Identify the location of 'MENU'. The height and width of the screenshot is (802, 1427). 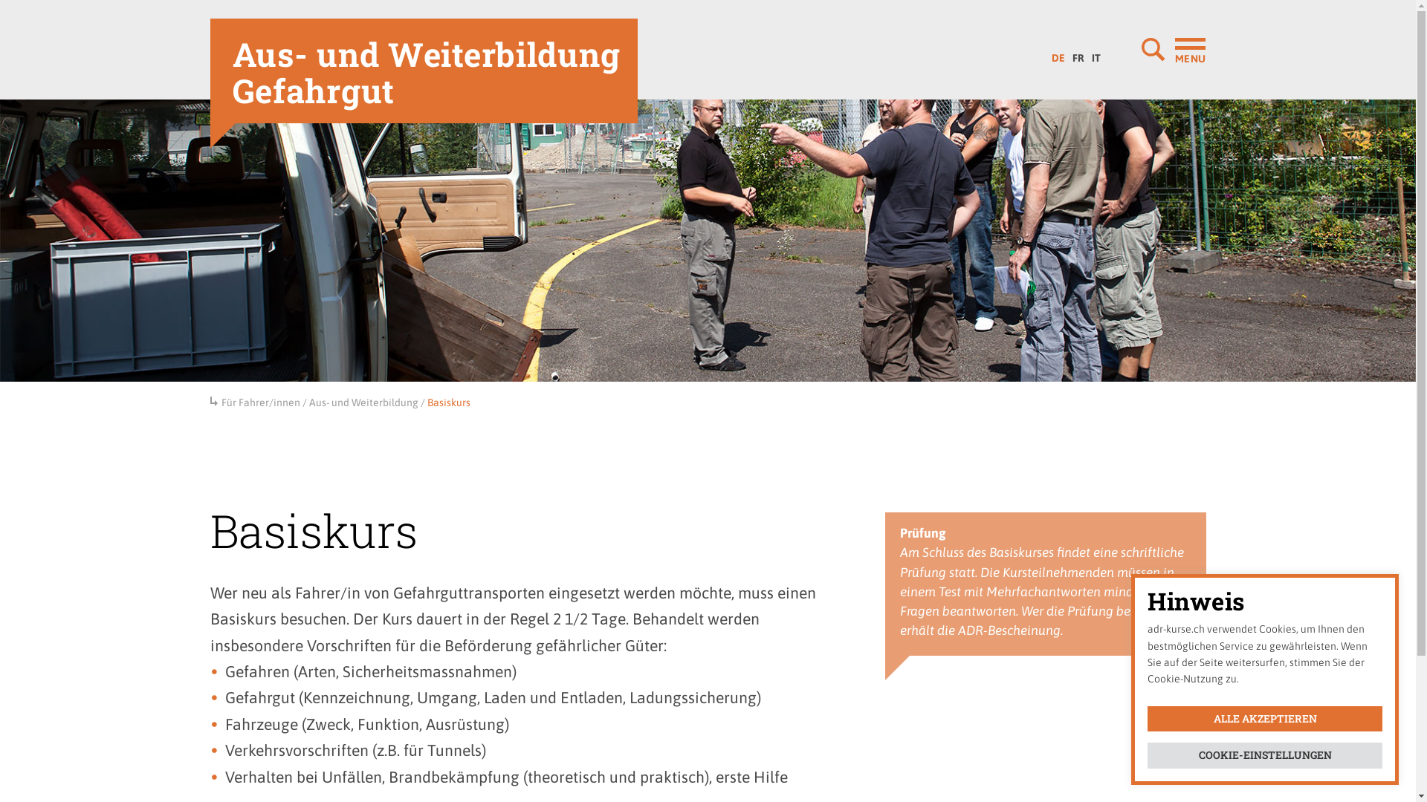
(1141, 48).